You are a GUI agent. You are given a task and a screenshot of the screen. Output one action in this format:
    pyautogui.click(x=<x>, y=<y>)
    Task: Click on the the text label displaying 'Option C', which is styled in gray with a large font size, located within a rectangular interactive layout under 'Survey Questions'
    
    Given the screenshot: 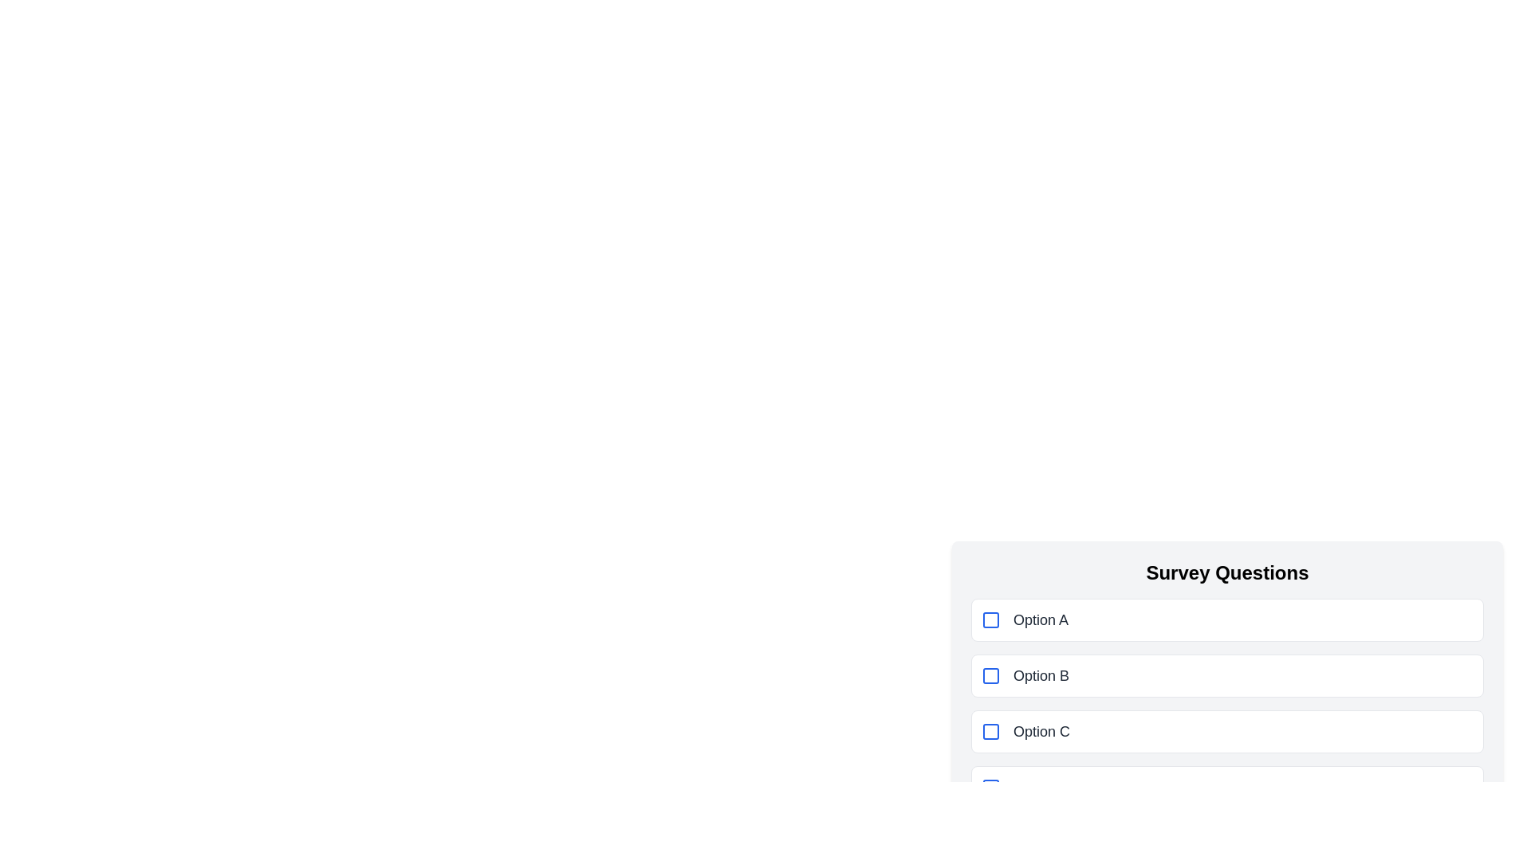 What is the action you would take?
    pyautogui.click(x=1041, y=732)
    